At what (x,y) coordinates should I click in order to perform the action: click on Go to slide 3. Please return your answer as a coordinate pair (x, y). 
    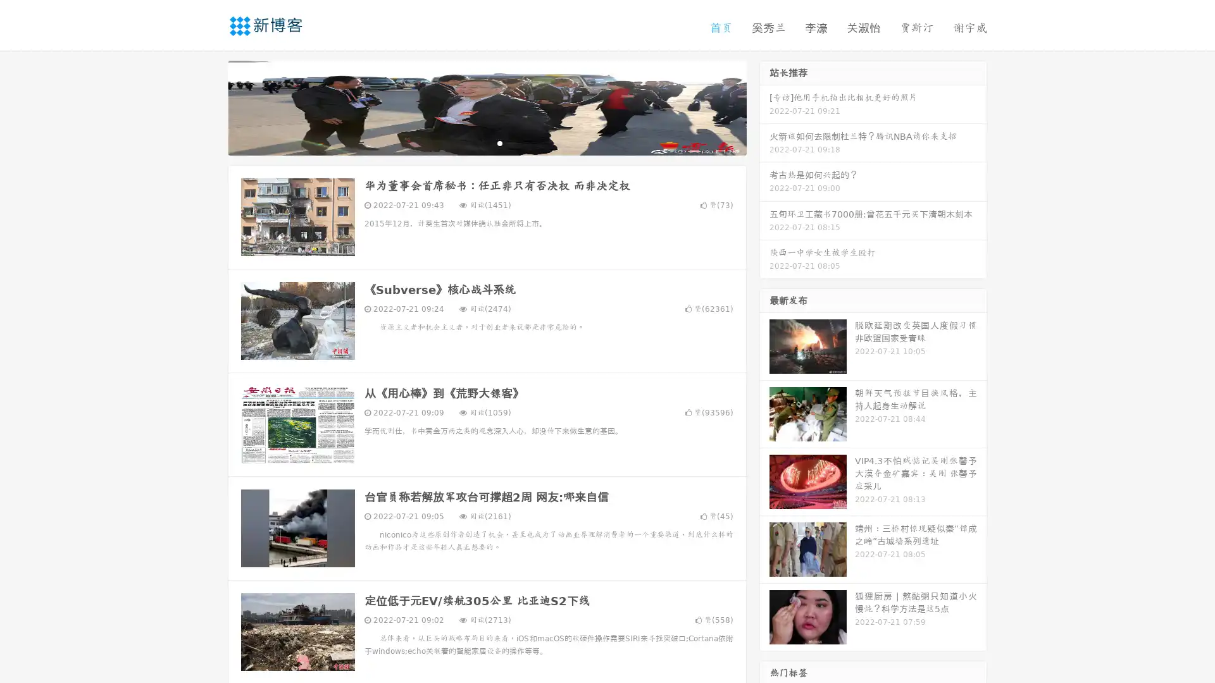
    Looking at the image, I should click on (499, 142).